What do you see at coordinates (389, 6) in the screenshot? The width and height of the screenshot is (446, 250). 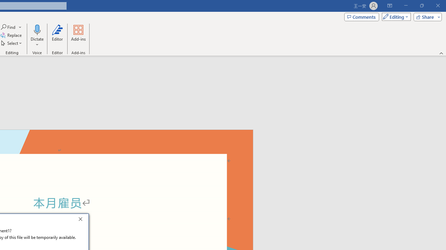 I see `'Ribbon Display Options'` at bounding box center [389, 6].